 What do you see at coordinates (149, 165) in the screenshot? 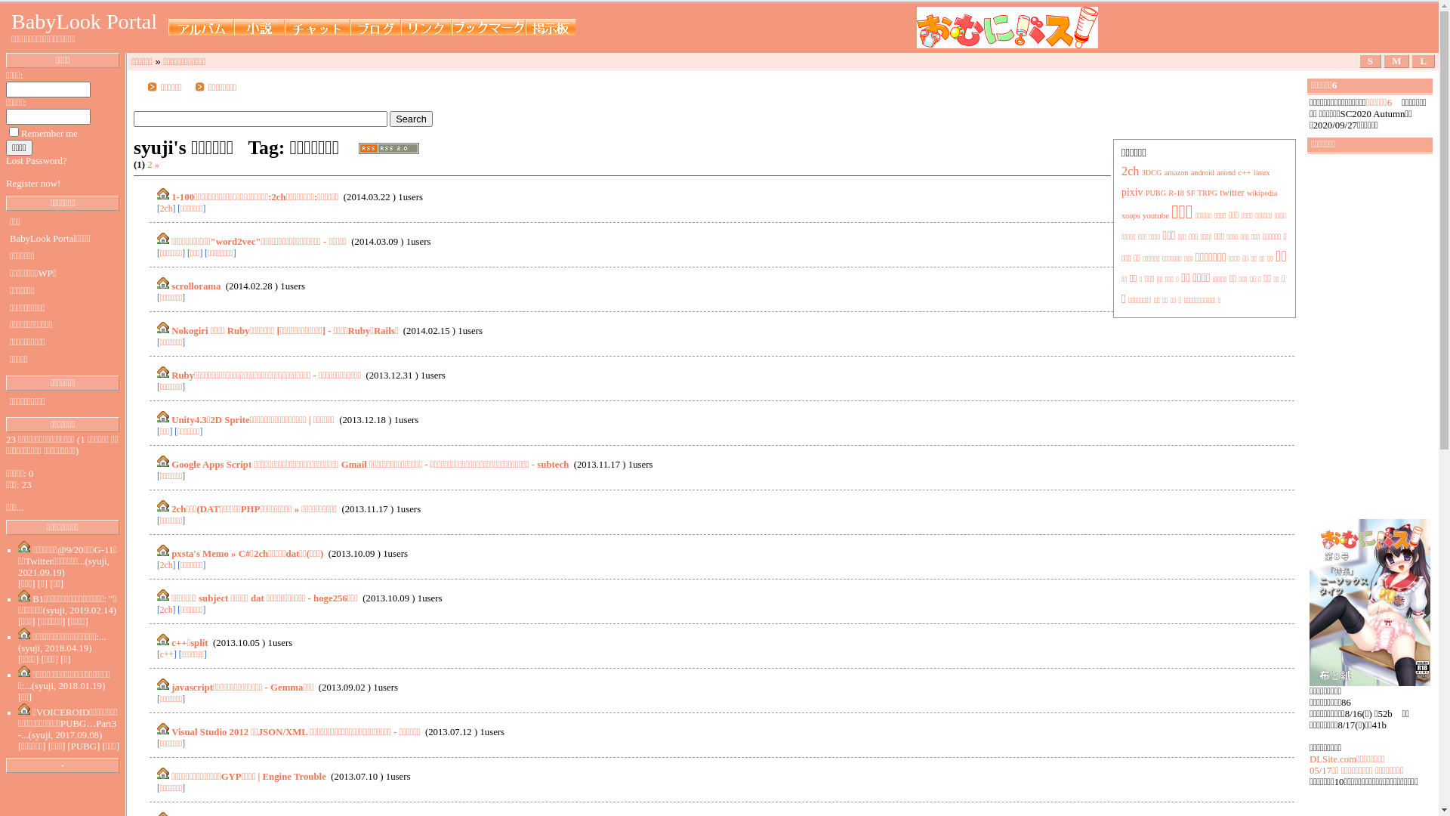
I see `'2'` at bounding box center [149, 165].